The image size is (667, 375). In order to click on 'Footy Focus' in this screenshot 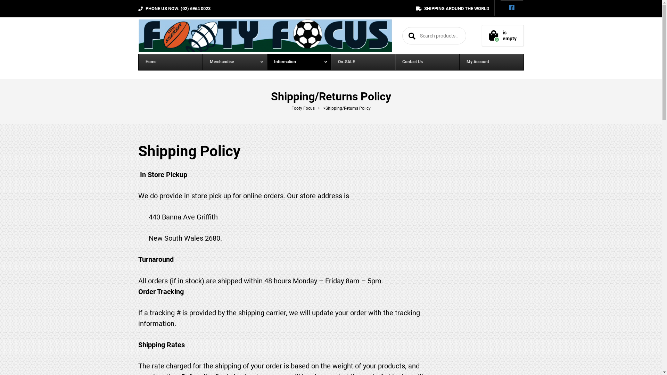, I will do `click(306, 108)`.